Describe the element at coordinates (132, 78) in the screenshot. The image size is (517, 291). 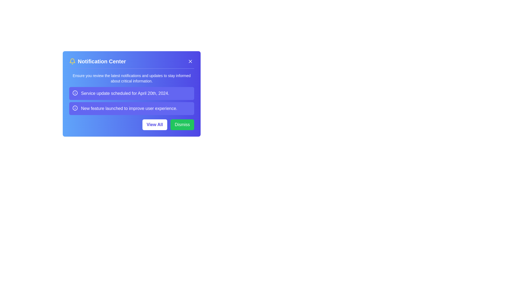
I see `static text displaying the message: 'Ensure you review the latest notifications and updates to stay informed about critical information.' located at the top of the 'Notification Center' modal` at that location.